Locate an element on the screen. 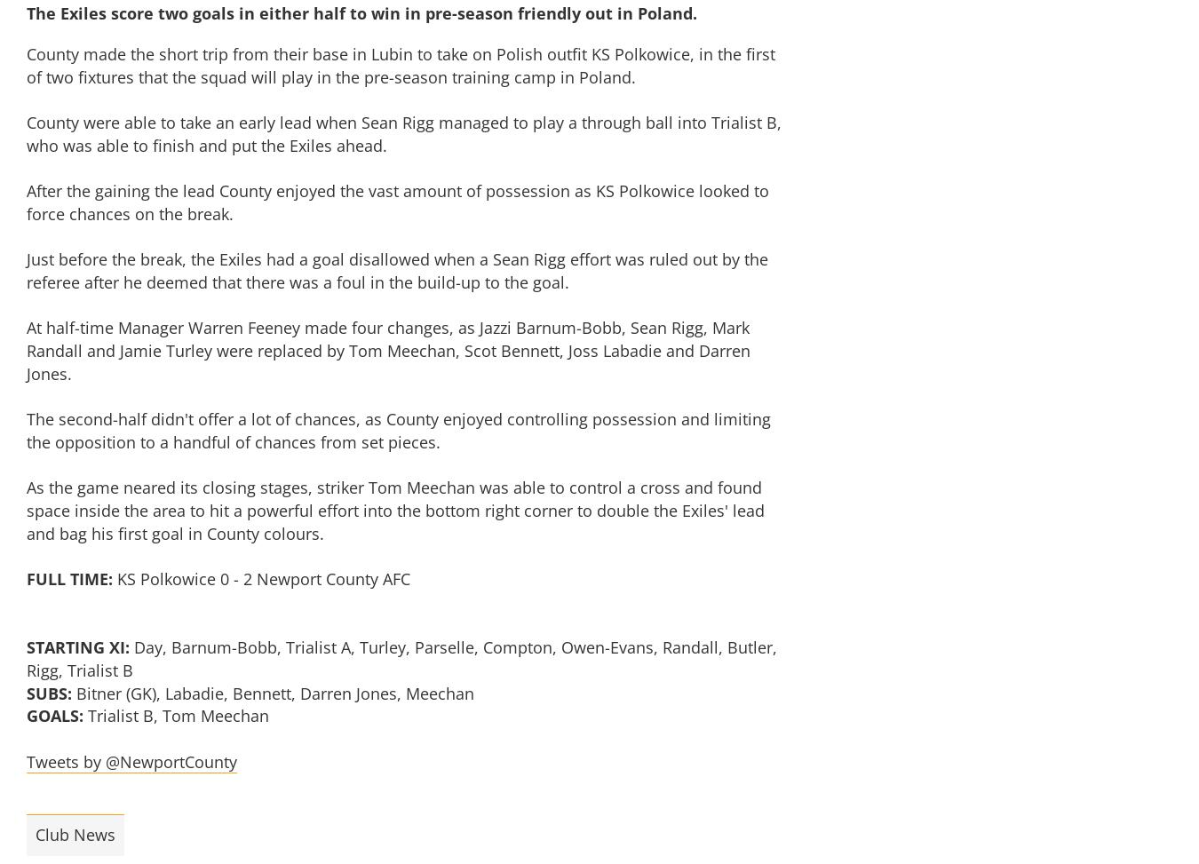 The width and height of the screenshot is (1199, 864). 'Just before the break, the Exiles had a goal disallowed when a Sean Rigg effort was ruled out by the referee after he deemed that there was a foul in the build-up to the goal.' is located at coordinates (397, 271).